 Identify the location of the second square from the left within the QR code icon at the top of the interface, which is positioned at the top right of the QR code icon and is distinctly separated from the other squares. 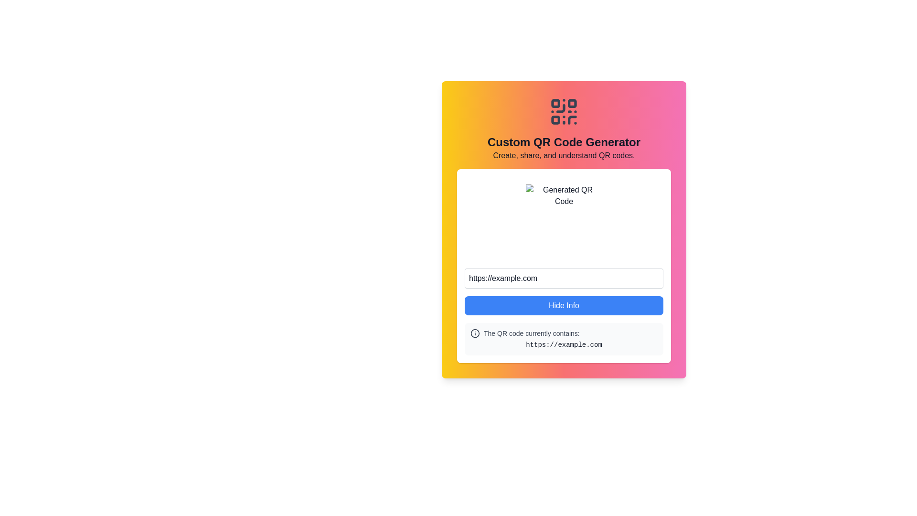
(572, 103).